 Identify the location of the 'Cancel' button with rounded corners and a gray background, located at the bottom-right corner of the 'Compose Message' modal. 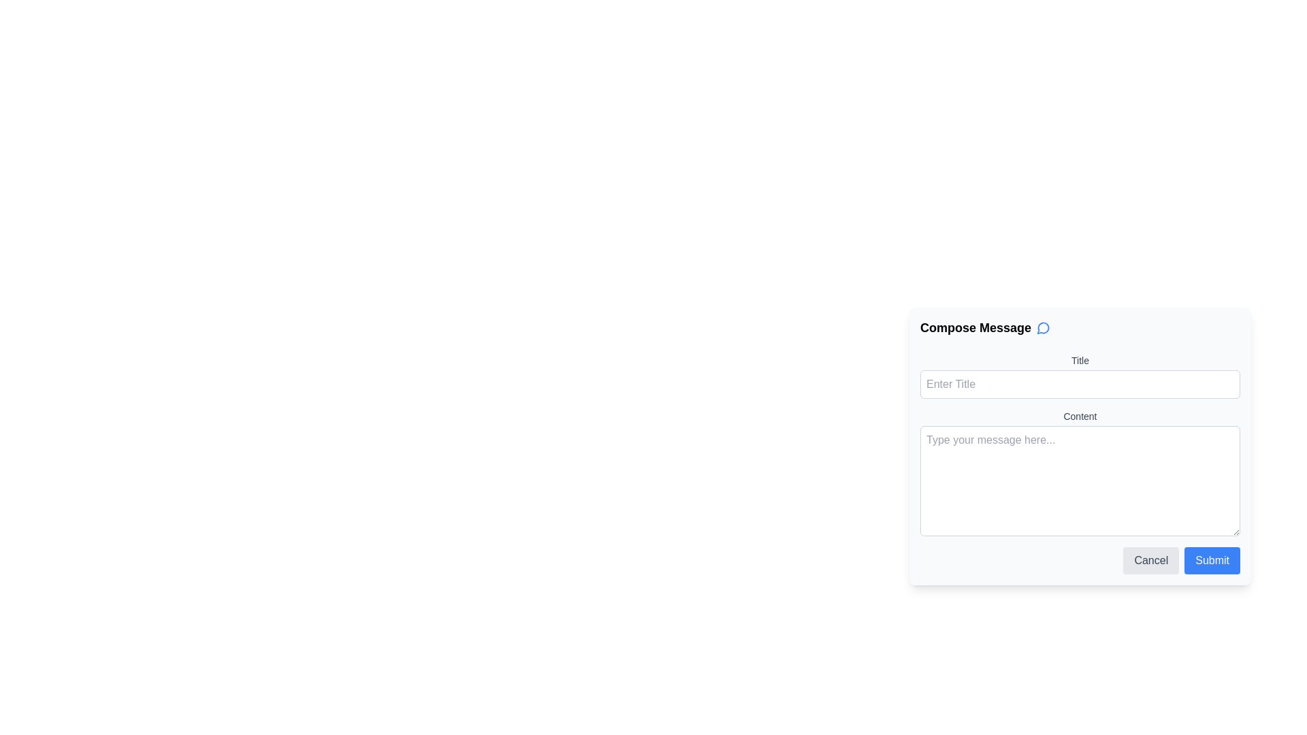
(1150, 561).